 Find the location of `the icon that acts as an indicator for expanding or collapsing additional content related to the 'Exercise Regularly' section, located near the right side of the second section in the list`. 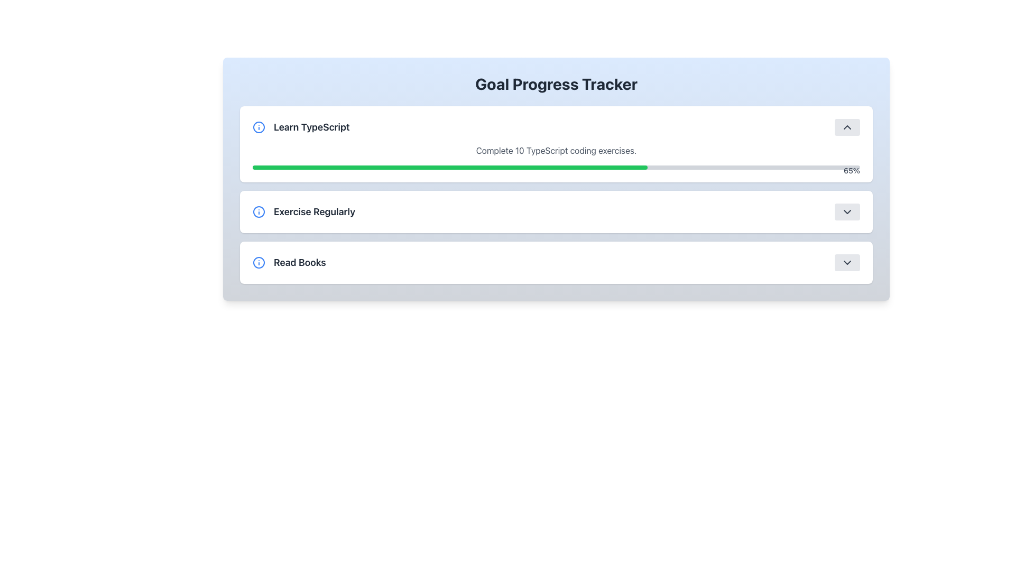

the icon that acts as an indicator for expanding or collapsing additional content related to the 'Exercise Regularly' section, located near the right side of the second section in the list is located at coordinates (847, 212).